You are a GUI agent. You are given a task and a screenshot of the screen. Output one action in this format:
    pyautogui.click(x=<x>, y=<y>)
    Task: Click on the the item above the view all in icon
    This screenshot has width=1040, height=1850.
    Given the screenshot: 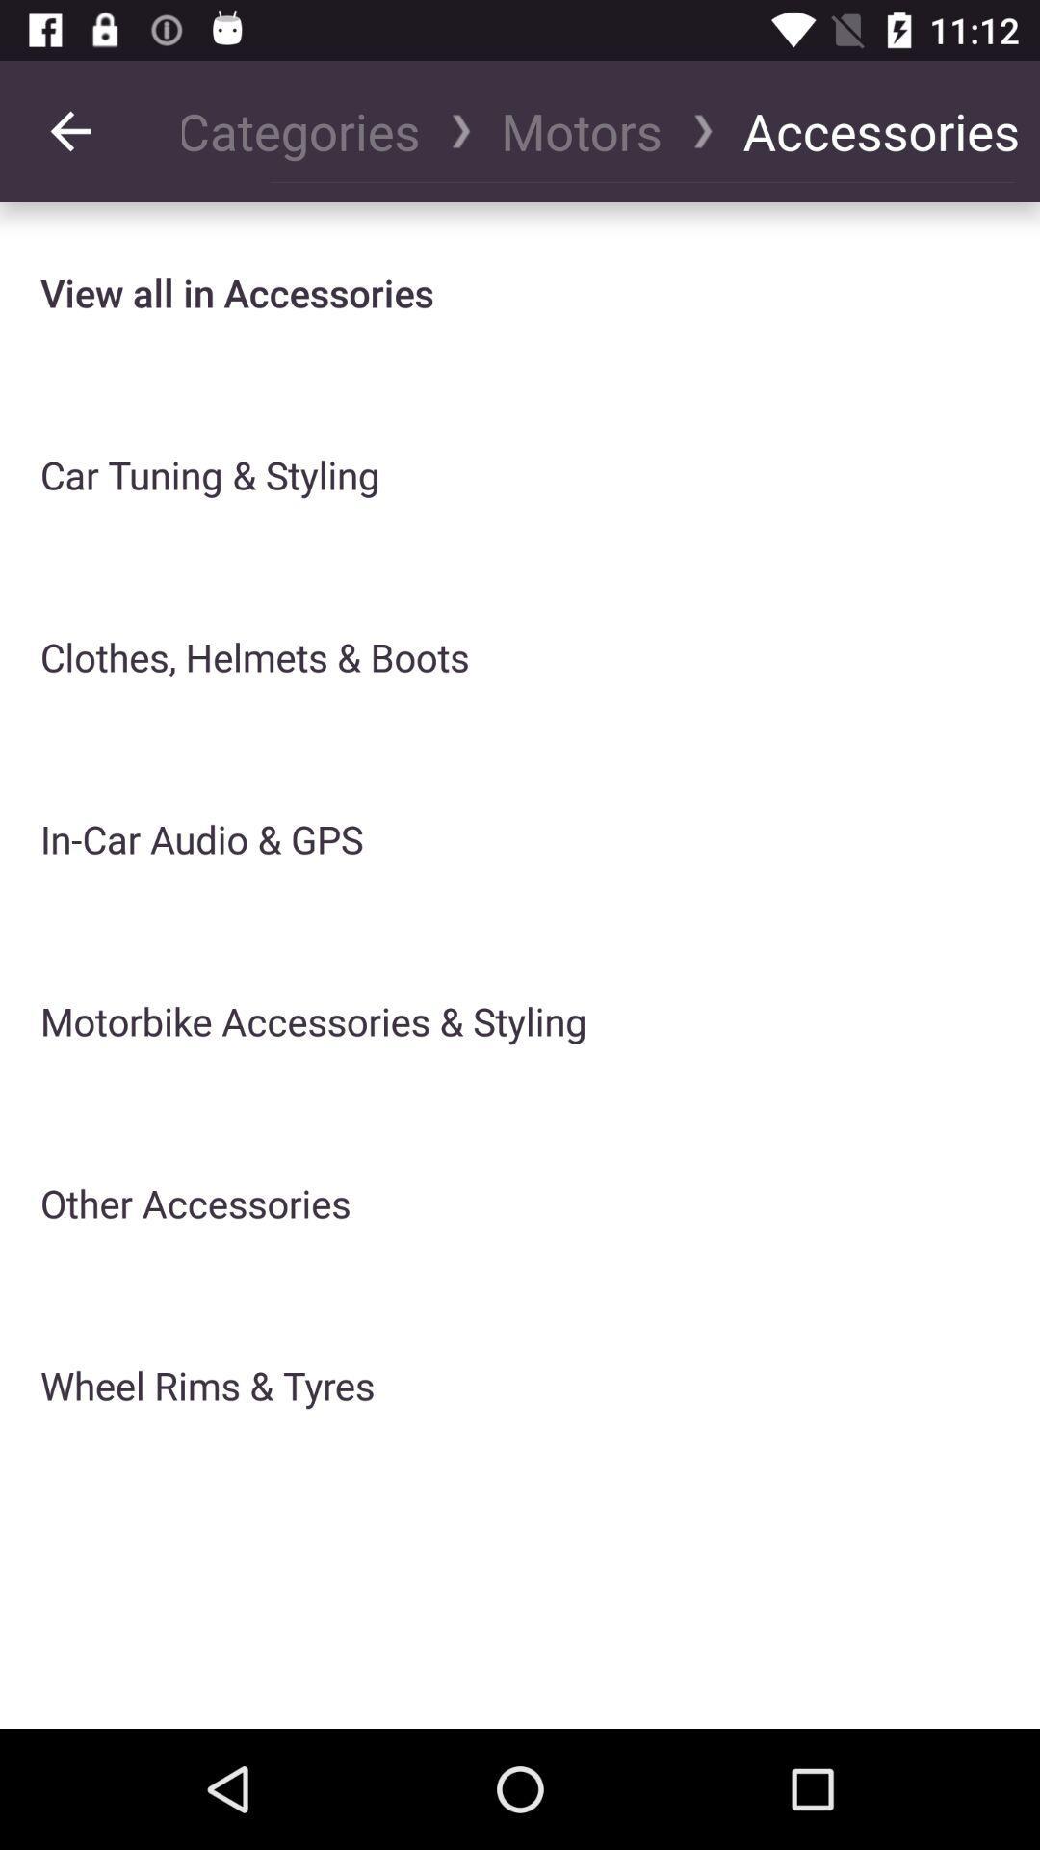 What is the action you would take?
    pyautogui.click(x=69, y=130)
    